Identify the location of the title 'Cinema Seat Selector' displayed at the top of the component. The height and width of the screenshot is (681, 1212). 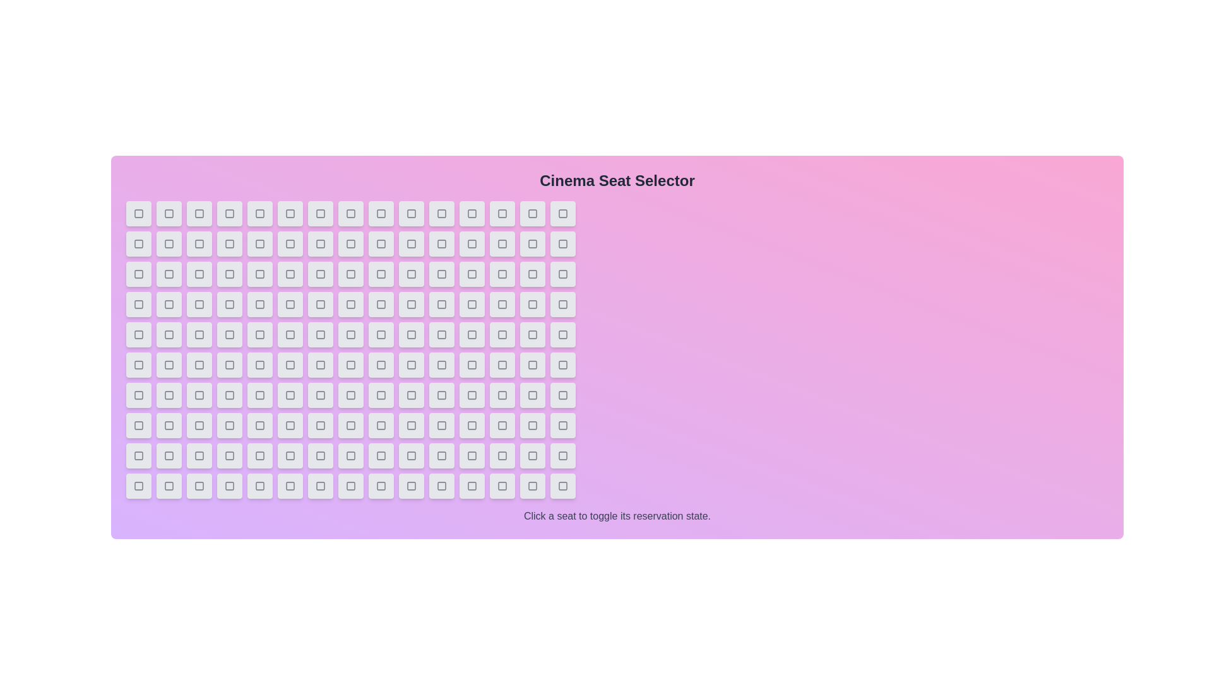
(617, 180).